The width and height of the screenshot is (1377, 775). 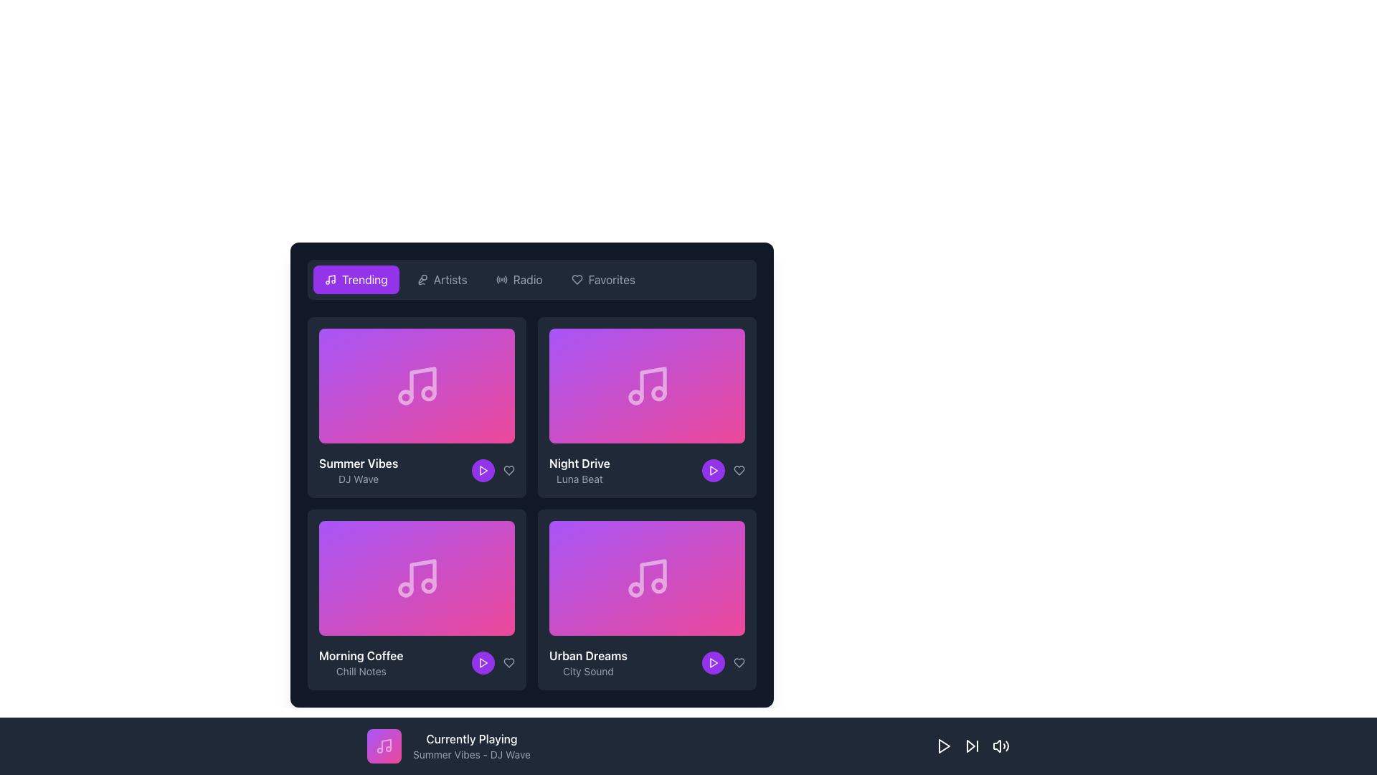 I want to click on the 'favorite' icon located in the bottom-right corner of the 'Morning Coffee' music card to change its color, so click(x=509, y=663).